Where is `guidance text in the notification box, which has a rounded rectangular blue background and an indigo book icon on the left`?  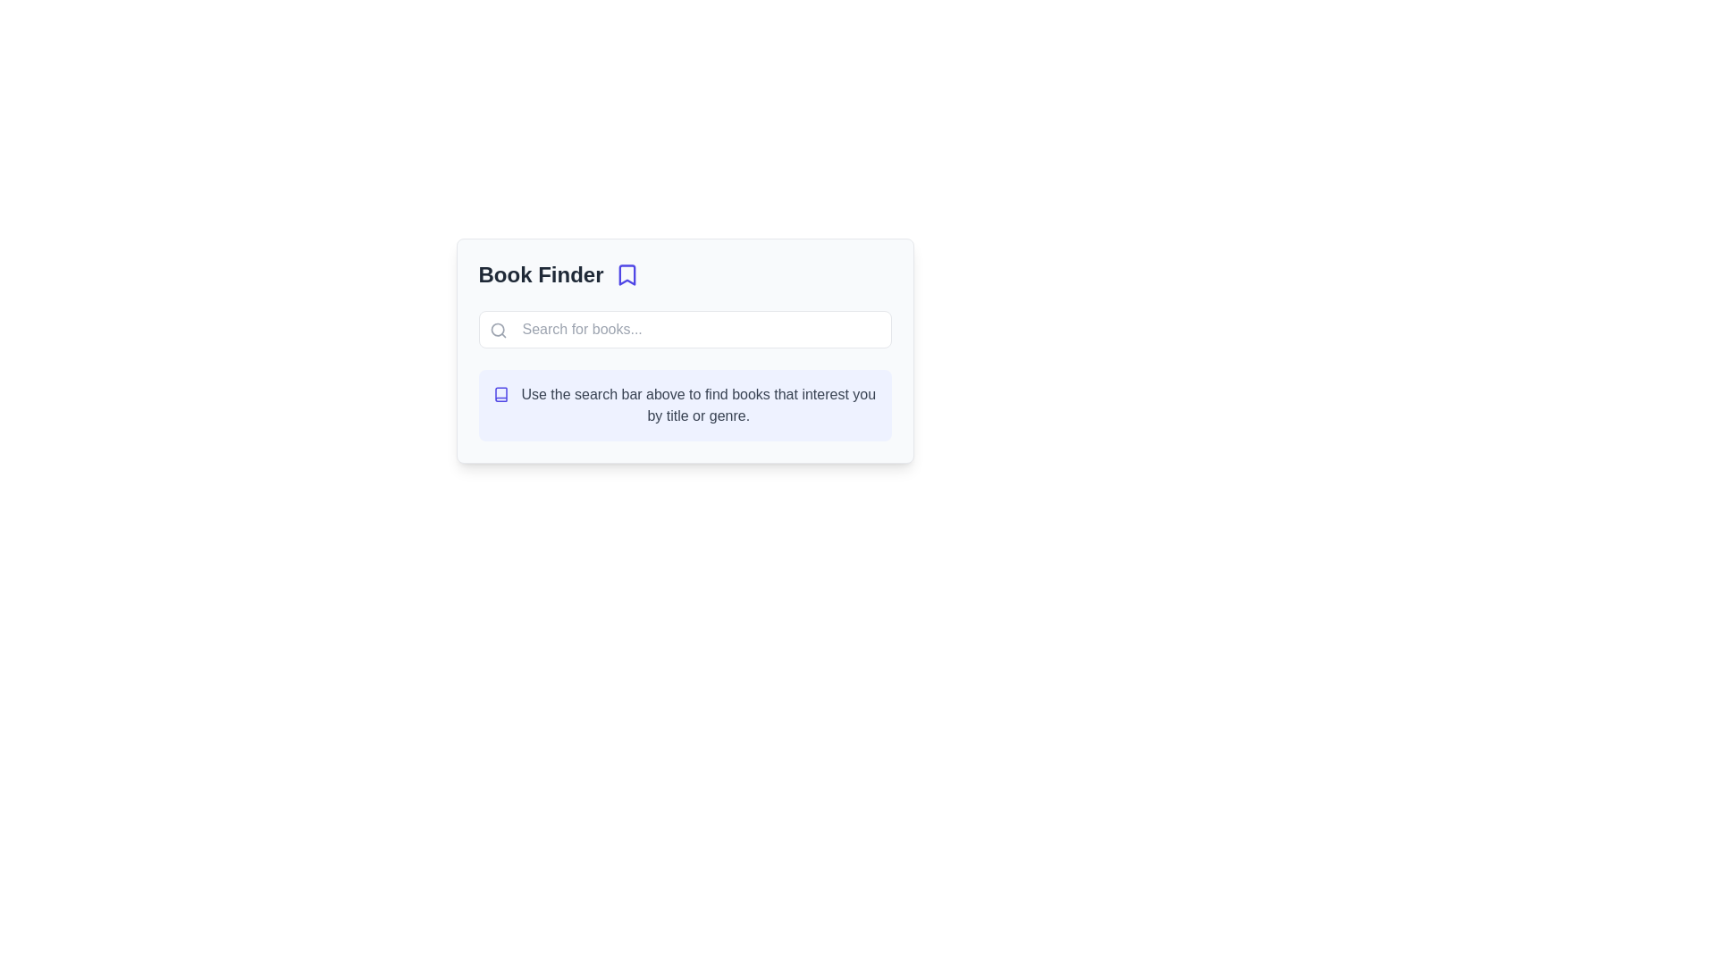 guidance text in the notification box, which has a rounded rectangular blue background and an indigo book icon on the left is located at coordinates (684, 406).